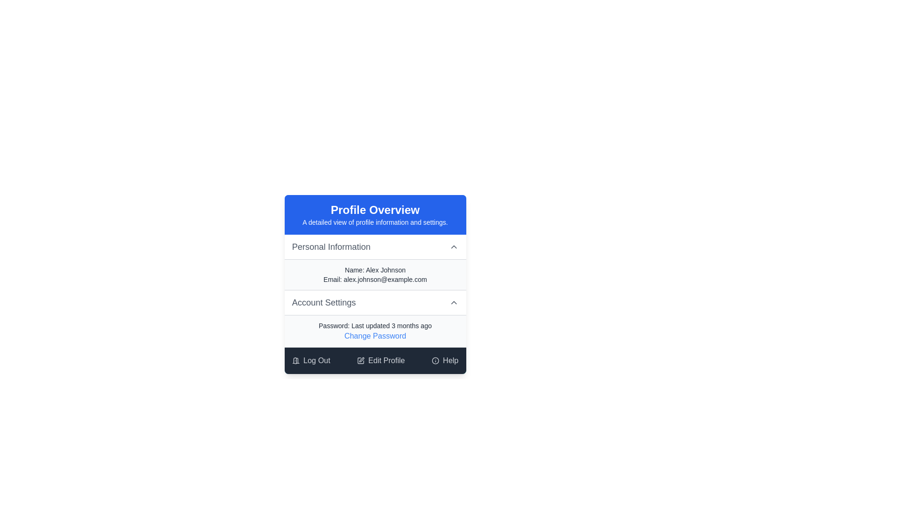 Image resolution: width=908 pixels, height=510 pixels. I want to click on the email address text label that displays the user's email, located centrally under the 'Personal Information' section of the interface, so click(375, 279).